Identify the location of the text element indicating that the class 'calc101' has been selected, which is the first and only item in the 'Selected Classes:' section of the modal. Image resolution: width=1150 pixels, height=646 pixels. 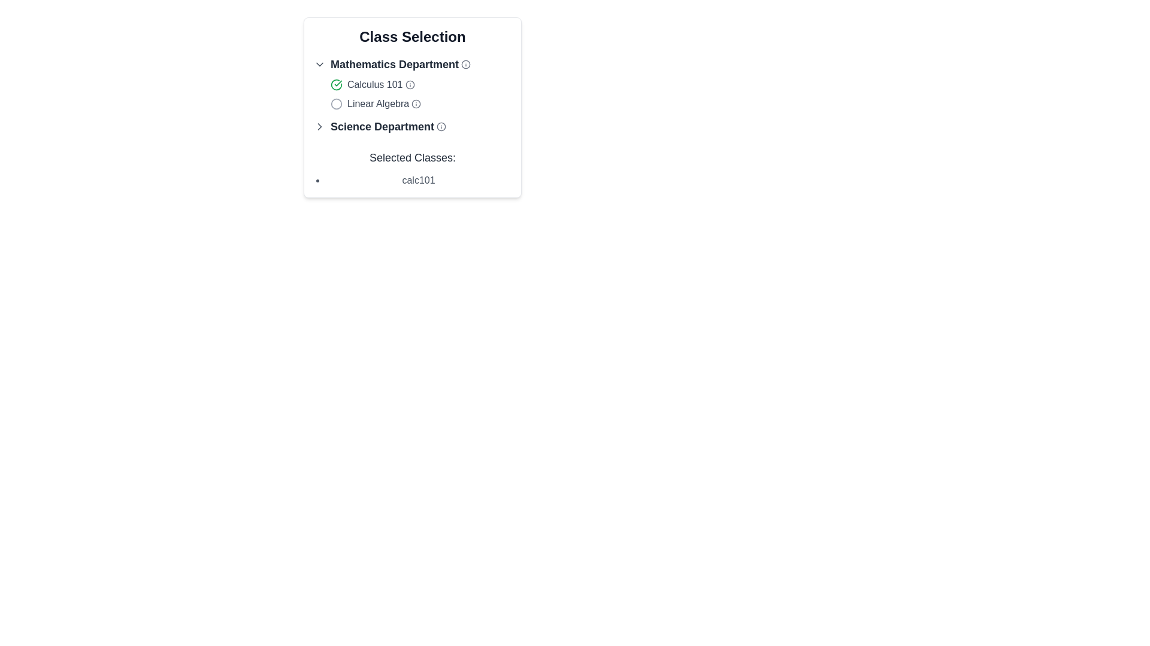
(413, 180).